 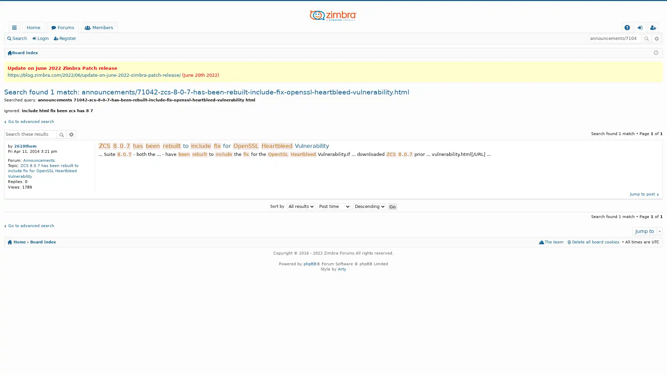 What do you see at coordinates (392, 206) in the screenshot?
I see `Go` at bounding box center [392, 206].